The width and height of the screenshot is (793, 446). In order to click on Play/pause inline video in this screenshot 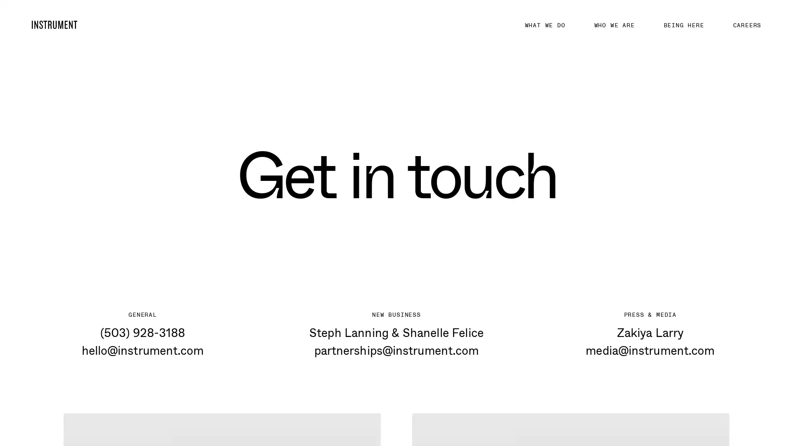, I will do `click(428, 413)`.